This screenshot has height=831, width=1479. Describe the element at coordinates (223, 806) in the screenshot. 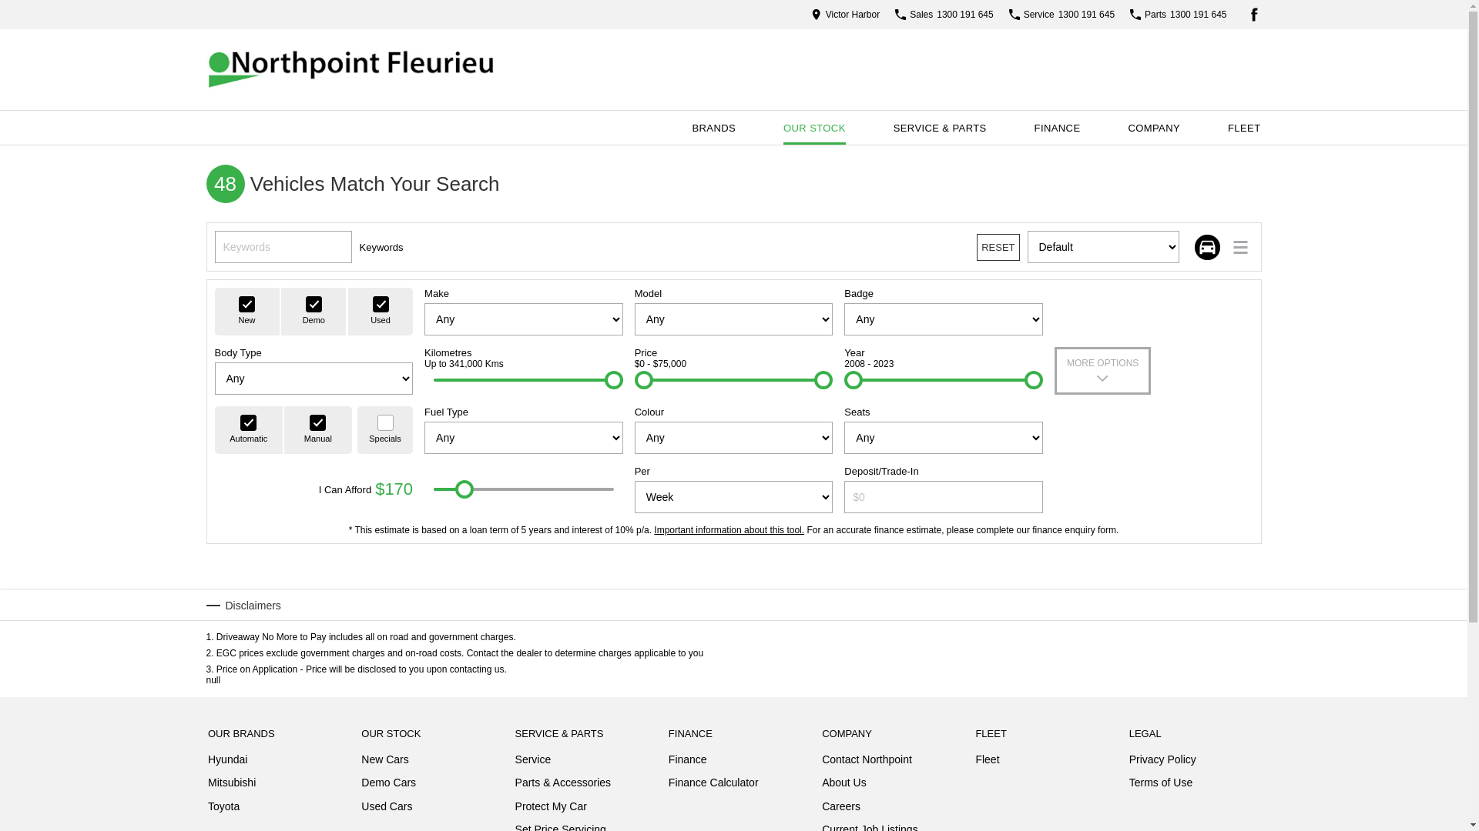

I see `'Toyota'` at that location.